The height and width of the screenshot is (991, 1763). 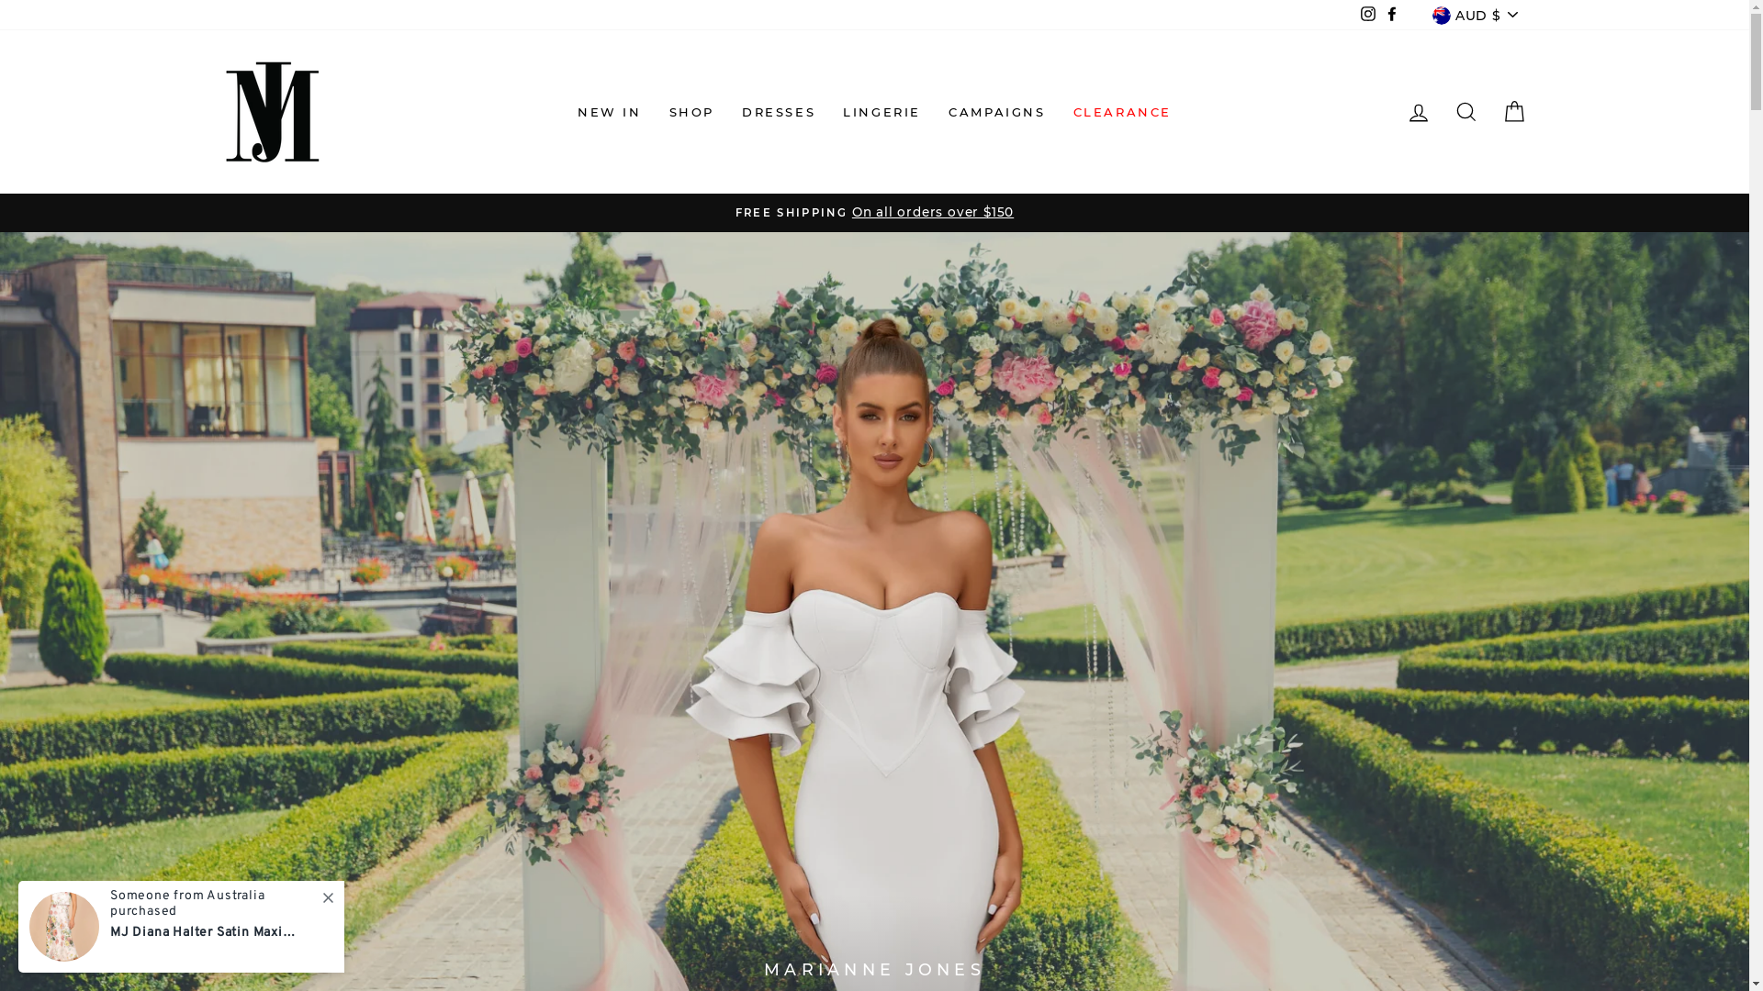 What do you see at coordinates (656, 113) in the screenshot?
I see `'SHOP'` at bounding box center [656, 113].